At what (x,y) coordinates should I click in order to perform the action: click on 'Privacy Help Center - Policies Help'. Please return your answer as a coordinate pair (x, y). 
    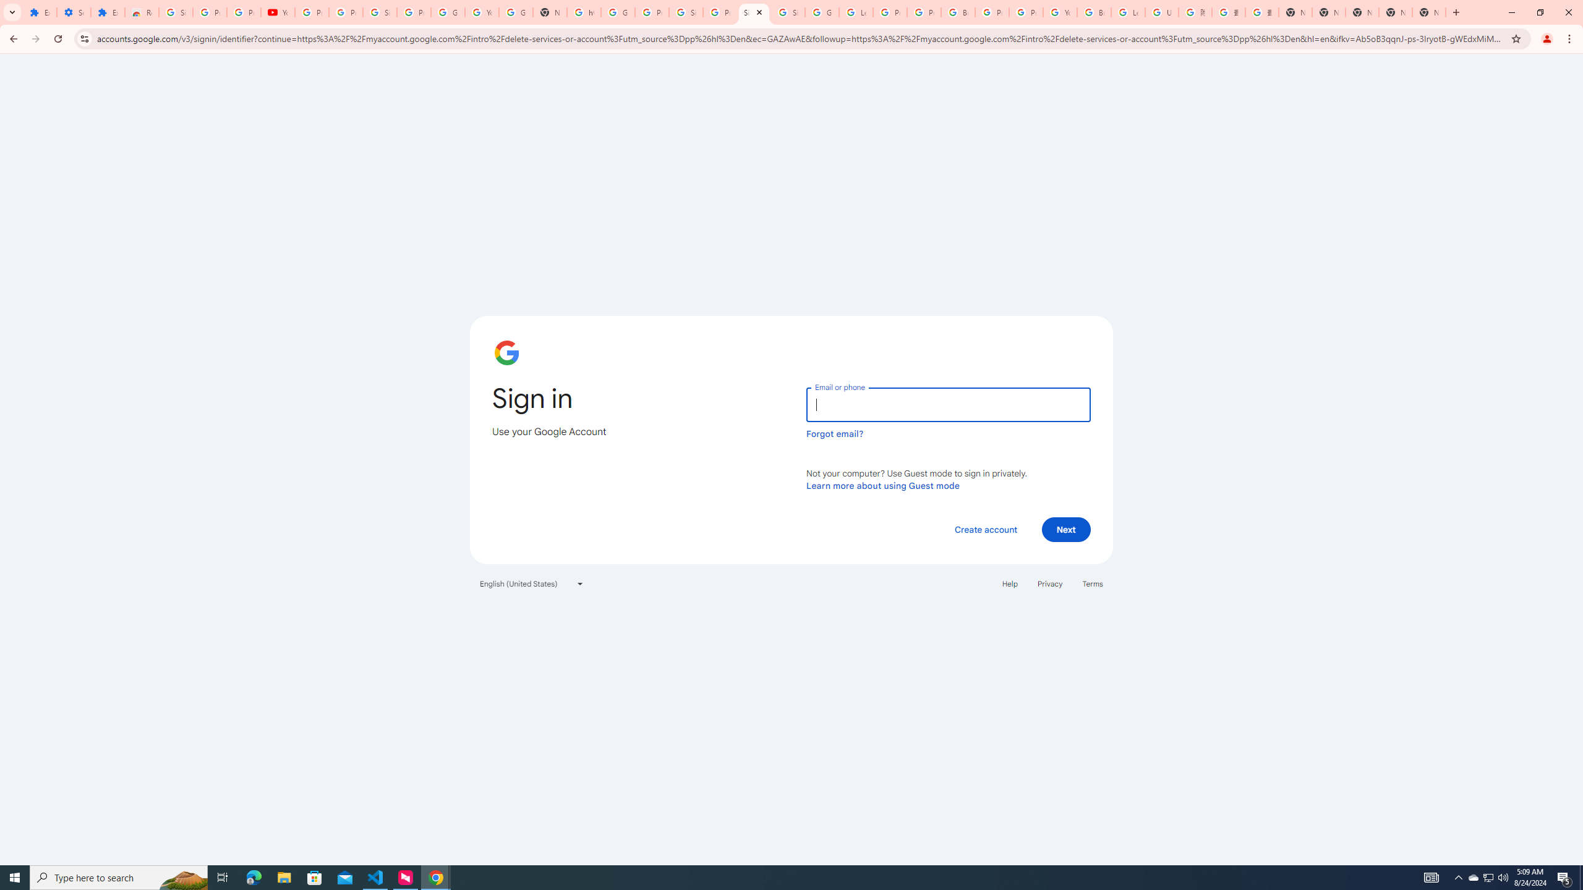
    Looking at the image, I should click on (890, 12).